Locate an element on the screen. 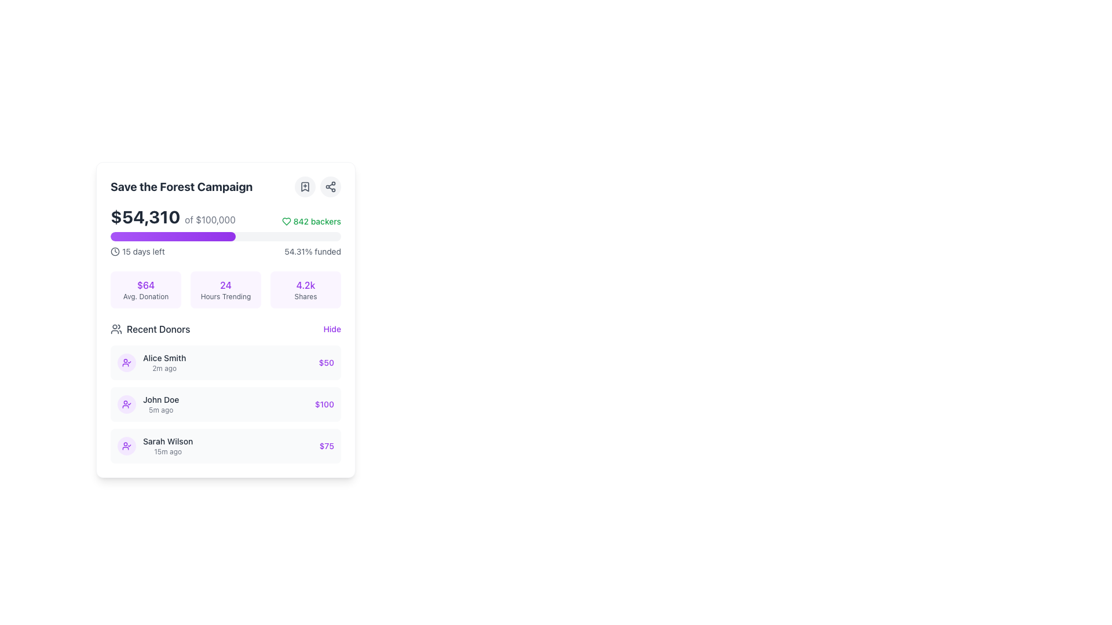  and read the donation value text associated with the donor 'Sarah Wilson' located is located at coordinates (326, 446).